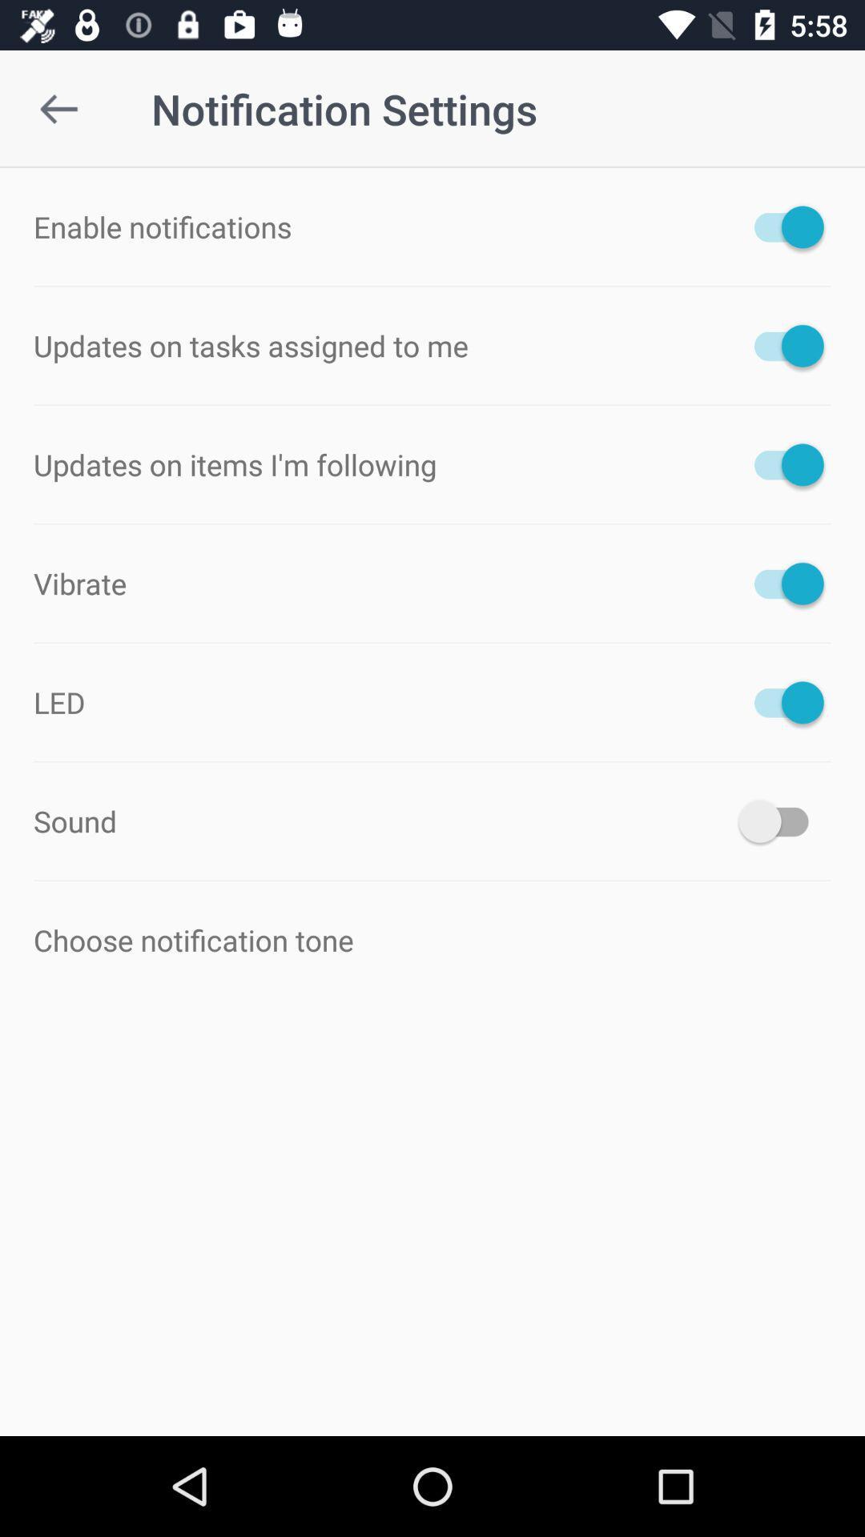 The image size is (865, 1537). What do you see at coordinates (780, 345) in the screenshot?
I see `the icon next to updates on tasks icon` at bounding box center [780, 345].